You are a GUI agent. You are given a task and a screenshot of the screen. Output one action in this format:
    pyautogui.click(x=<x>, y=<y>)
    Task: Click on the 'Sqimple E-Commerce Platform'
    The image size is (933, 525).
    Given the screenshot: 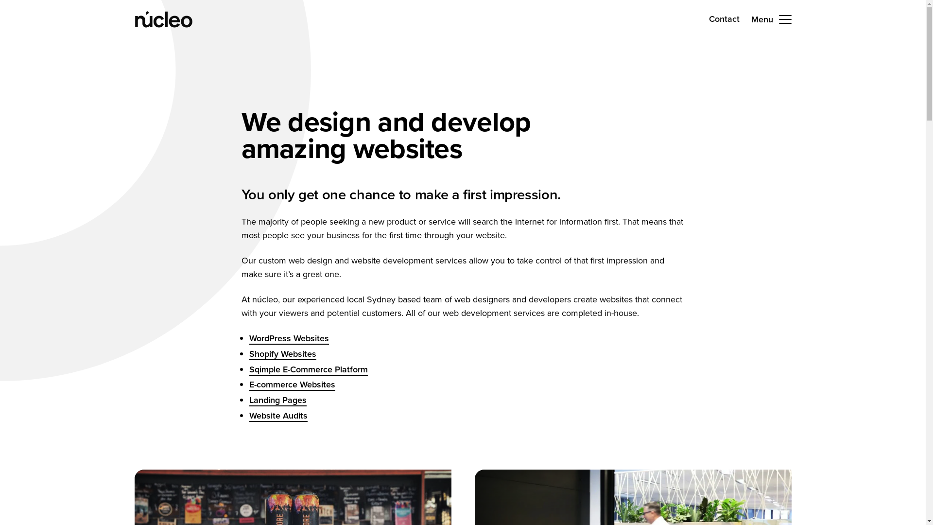 What is the action you would take?
    pyautogui.click(x=307, y=369)
    